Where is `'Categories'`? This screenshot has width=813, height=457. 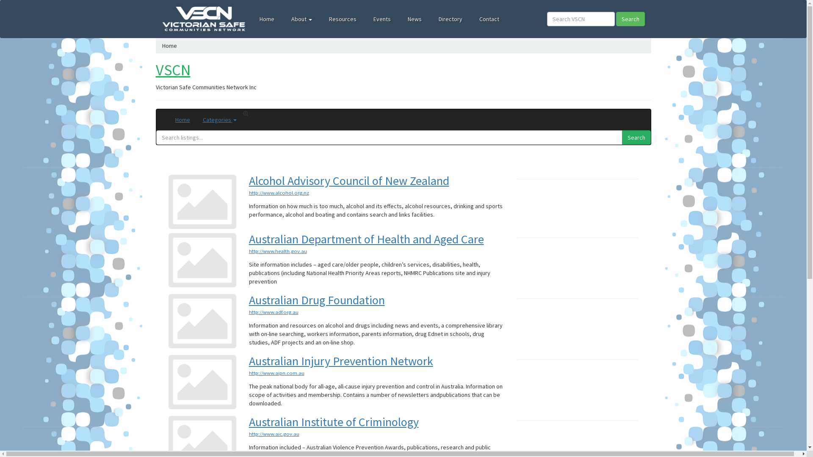 'Categories' is located at coordinates (219, 119).